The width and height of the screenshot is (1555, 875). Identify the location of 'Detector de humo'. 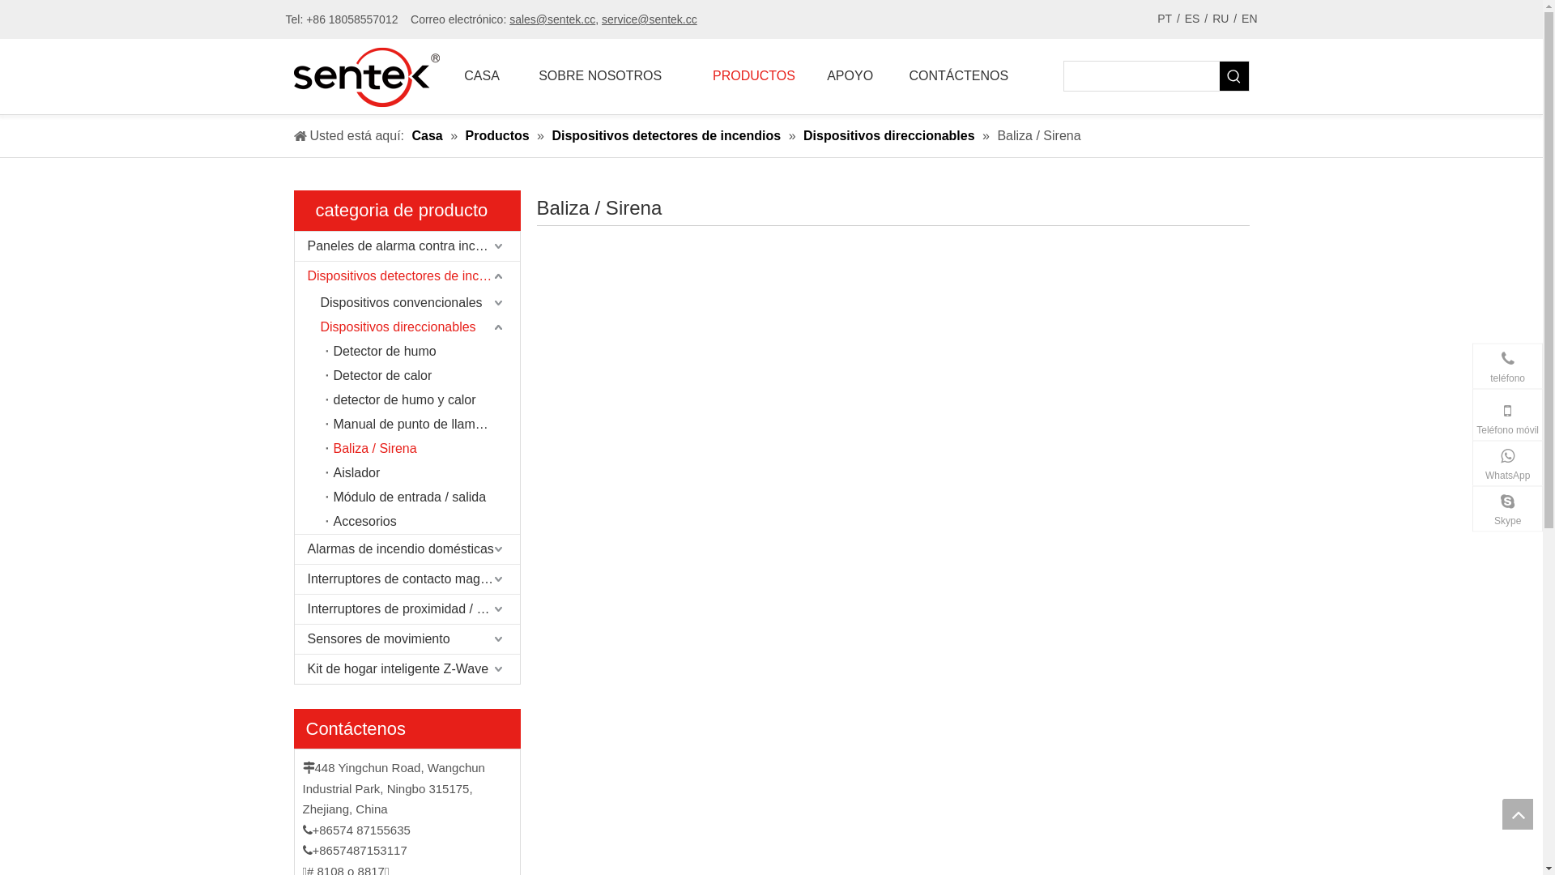
(423, 351).